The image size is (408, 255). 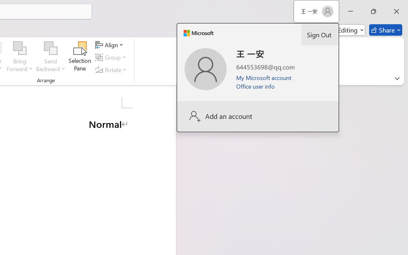 I want to click on 'Bring Forward', so click(x=20, y=57).